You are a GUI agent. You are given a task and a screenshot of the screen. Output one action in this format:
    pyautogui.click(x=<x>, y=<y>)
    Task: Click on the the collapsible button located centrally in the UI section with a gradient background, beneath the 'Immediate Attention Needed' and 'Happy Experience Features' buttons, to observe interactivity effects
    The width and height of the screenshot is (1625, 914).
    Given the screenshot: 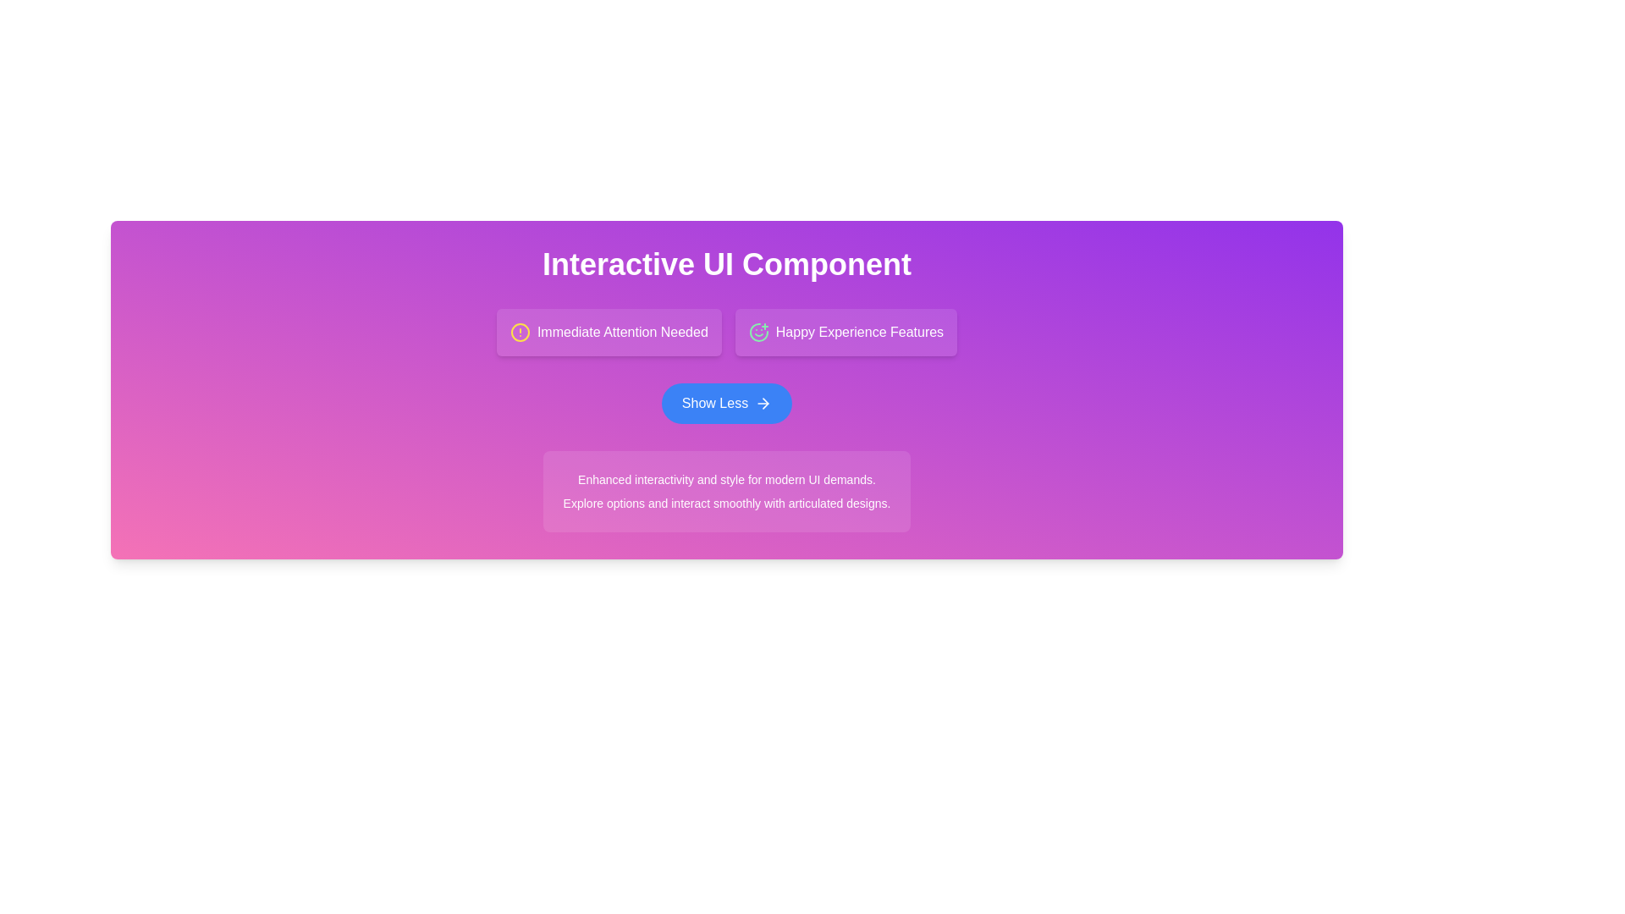 What is the action you would take?
    pyautogui.click(x=727, y=404)
    